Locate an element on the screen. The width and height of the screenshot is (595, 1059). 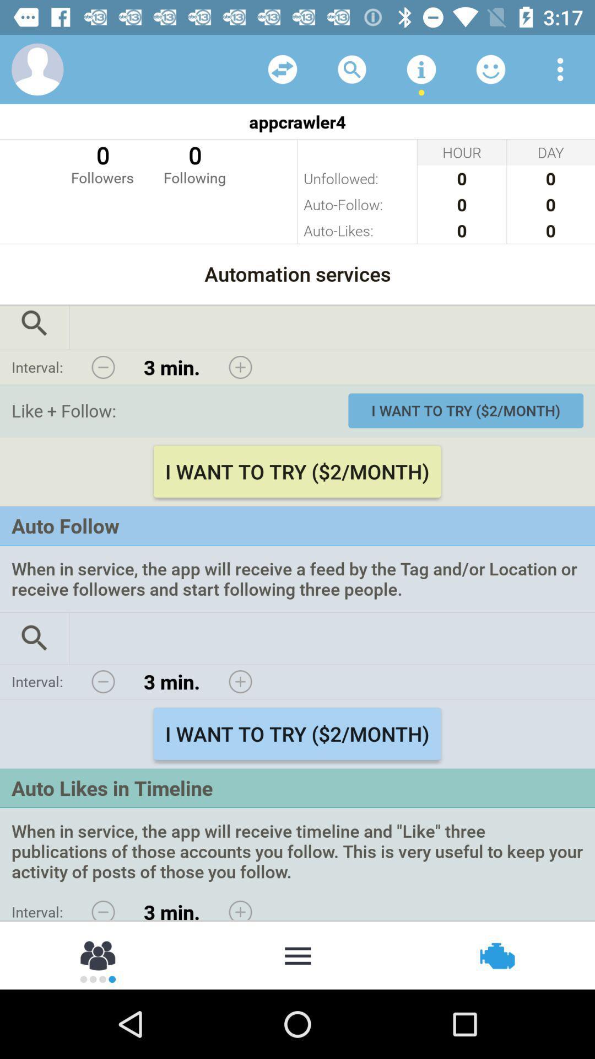
open menu/settings is located at coordinates (560, 68).